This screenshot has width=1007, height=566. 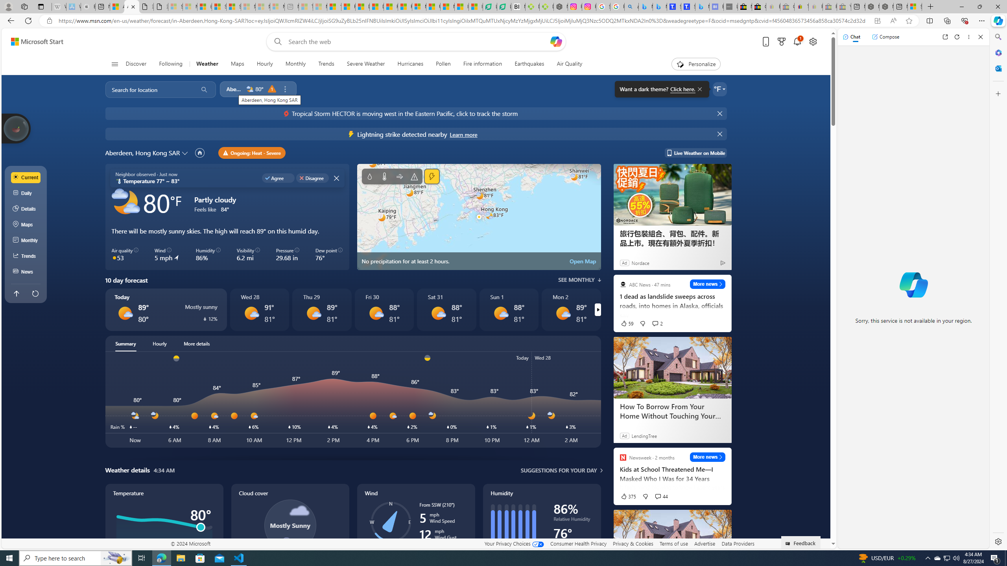 I want to click on 'Hourly', so click(x=159, y=343).